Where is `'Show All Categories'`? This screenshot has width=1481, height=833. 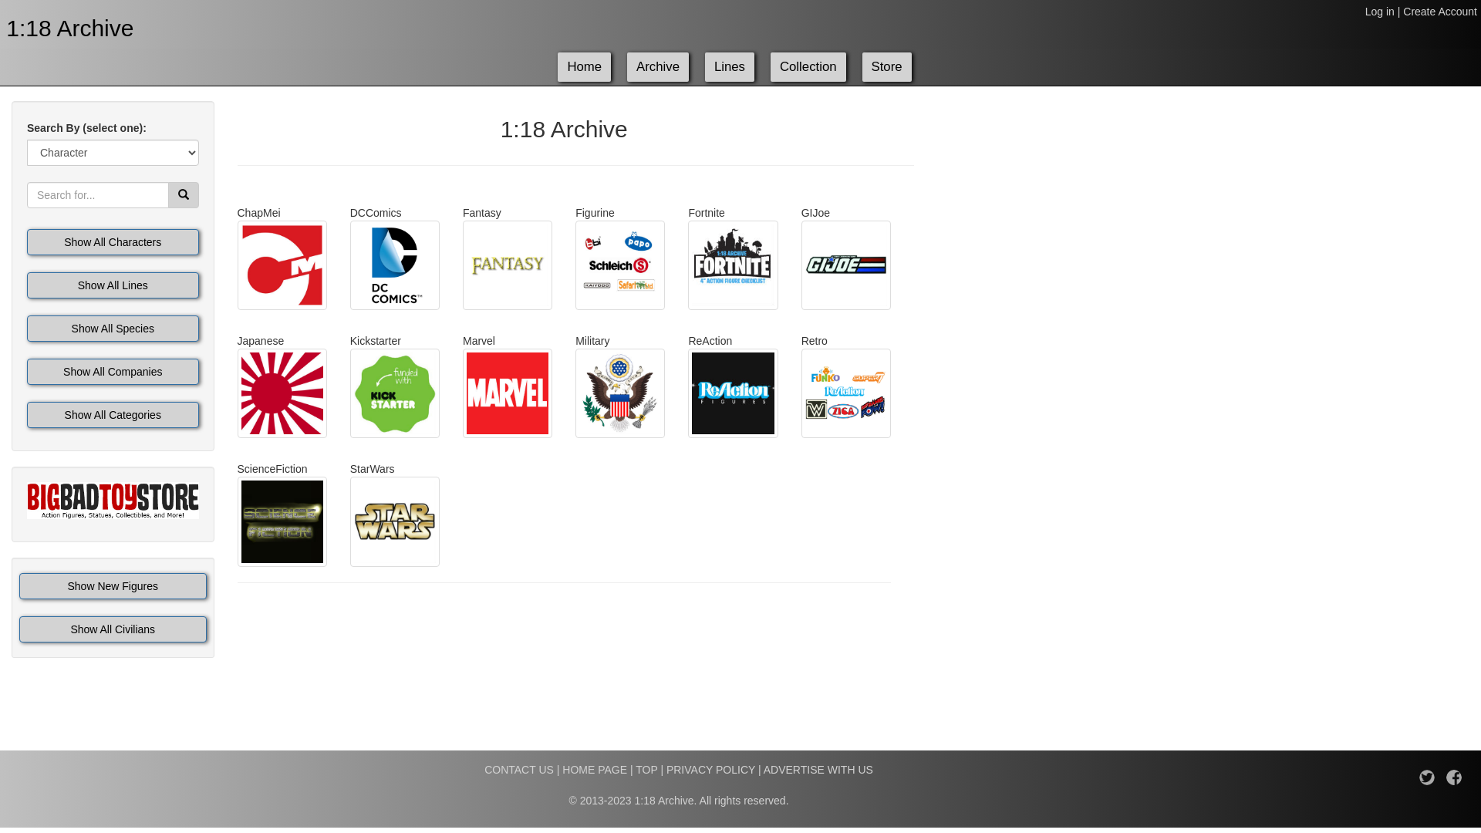 'Show All Categories' is located at coordinates (112, 413).